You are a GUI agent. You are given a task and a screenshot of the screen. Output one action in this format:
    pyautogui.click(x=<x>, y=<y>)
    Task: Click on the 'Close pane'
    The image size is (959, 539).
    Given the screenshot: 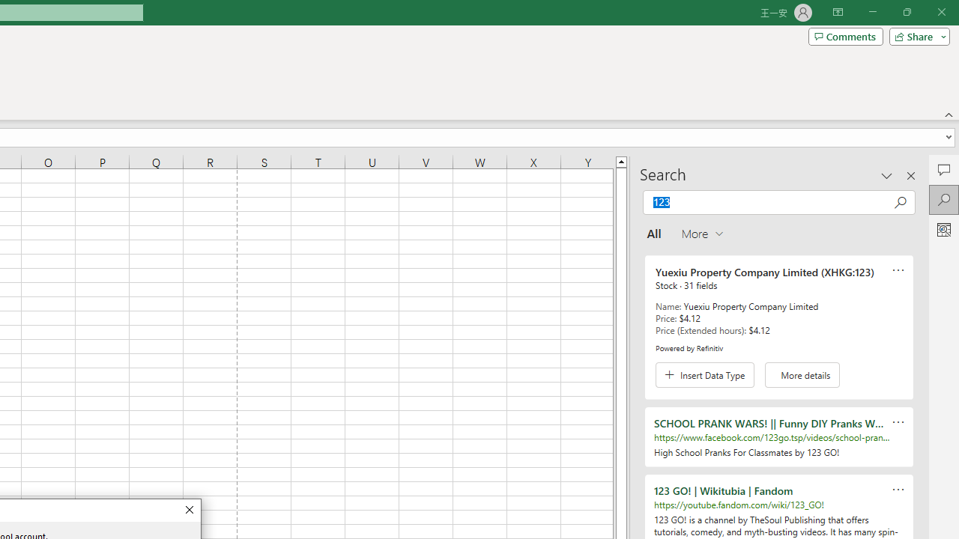 What is the action you would take?
    pyautogui.click(x=910, y=175)
    